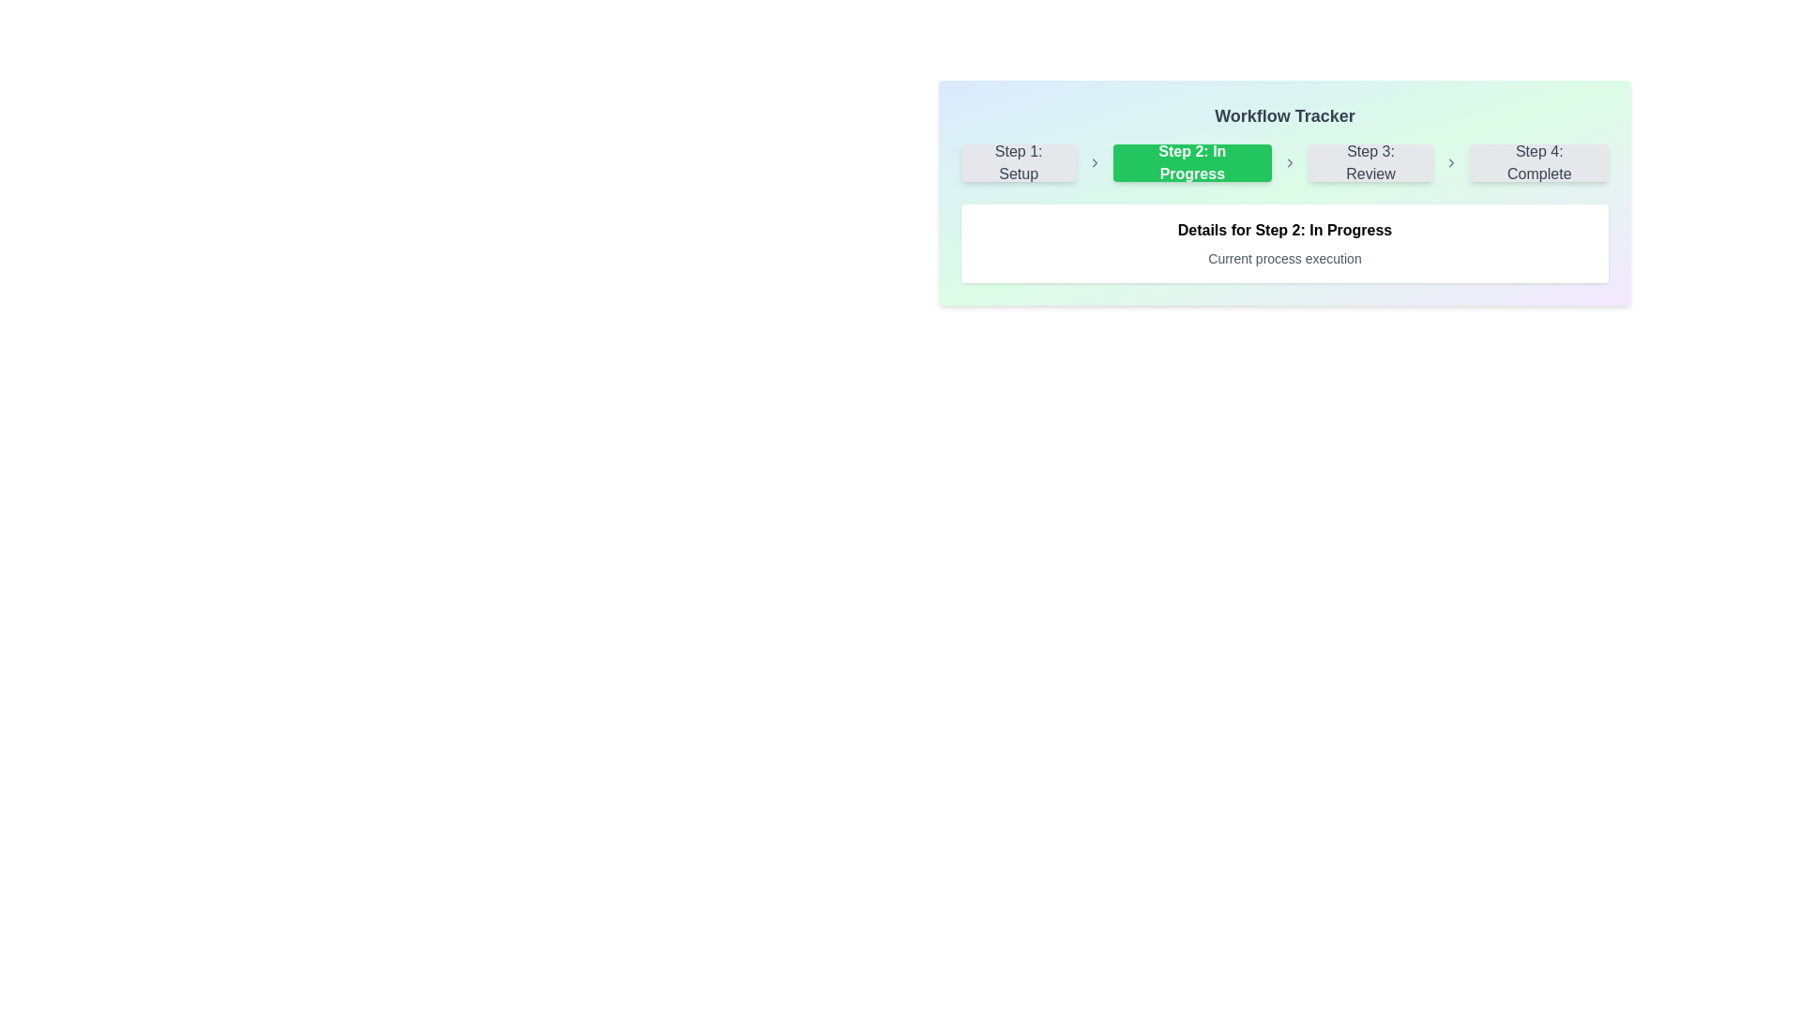 This screenshot has width=1801, height=1013. I want to click on the rightwards pointing chevron icon located between the labels 'Step 2: In Progress' and 'Step 3: Review' in the horizontal step tracker, so click(1289, 161).